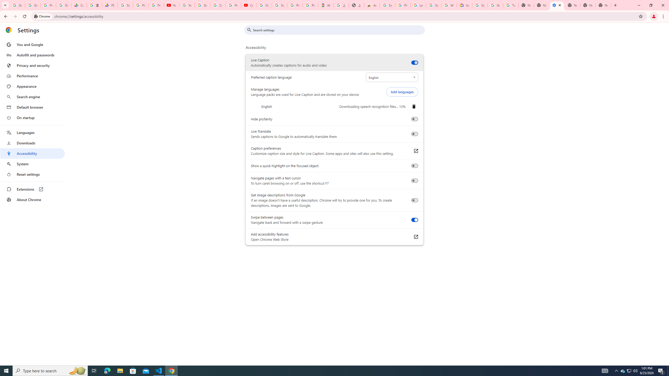 This screenshot has height=376, width=669. I want to click on 'Remove English', so click(413, 106).